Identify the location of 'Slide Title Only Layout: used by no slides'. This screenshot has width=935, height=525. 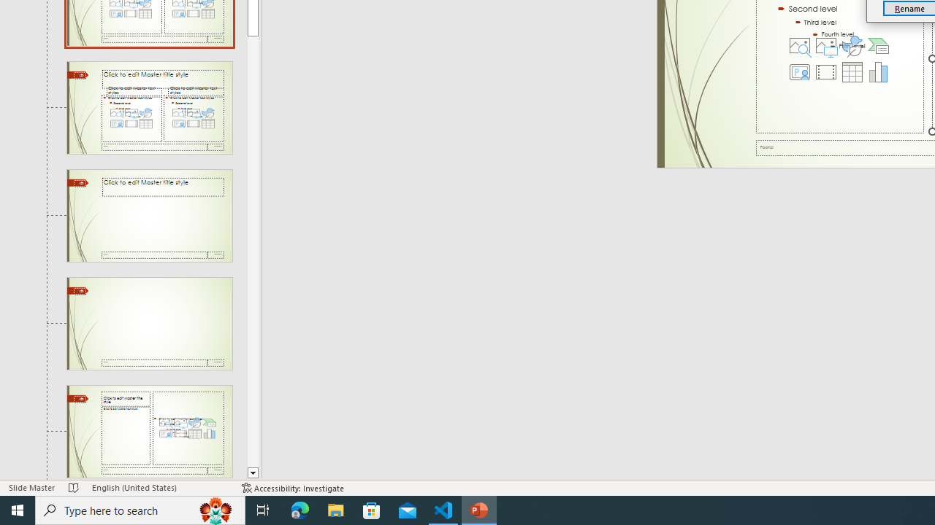
(149, 322).